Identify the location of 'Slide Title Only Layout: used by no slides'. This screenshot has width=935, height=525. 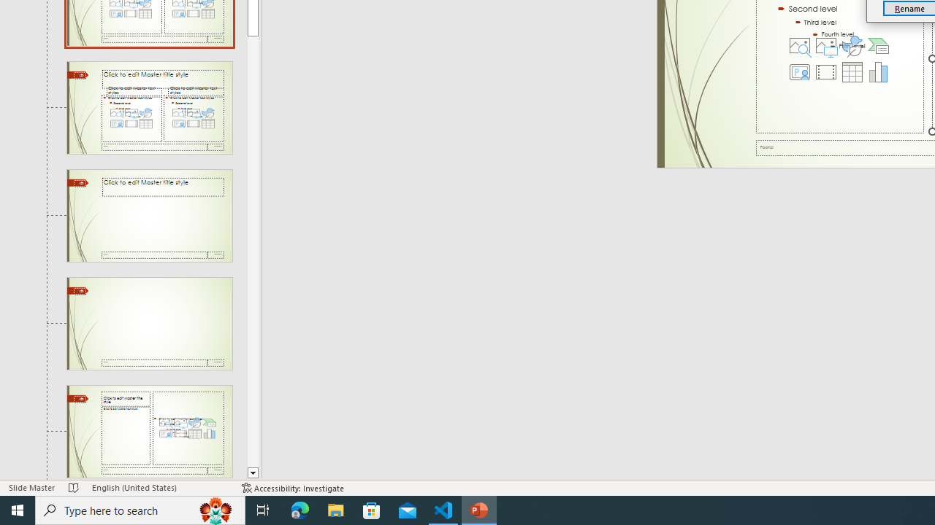
(149, 322).